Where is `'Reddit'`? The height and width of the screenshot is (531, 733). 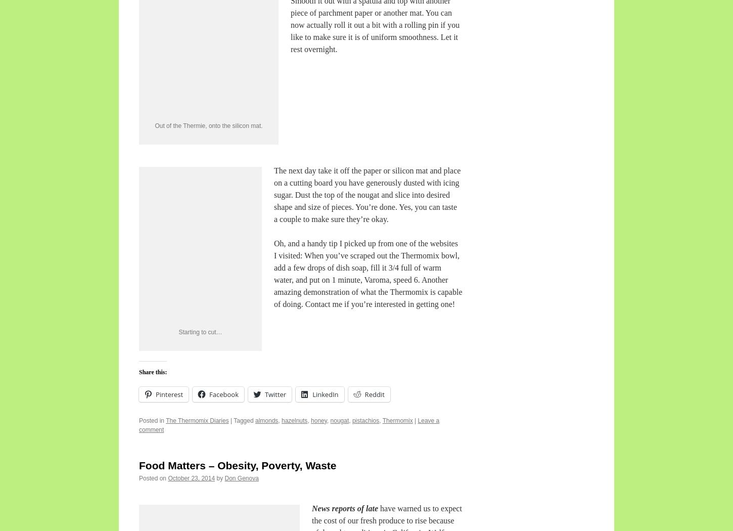
'Reddit' is located at coordinates (374, 393).